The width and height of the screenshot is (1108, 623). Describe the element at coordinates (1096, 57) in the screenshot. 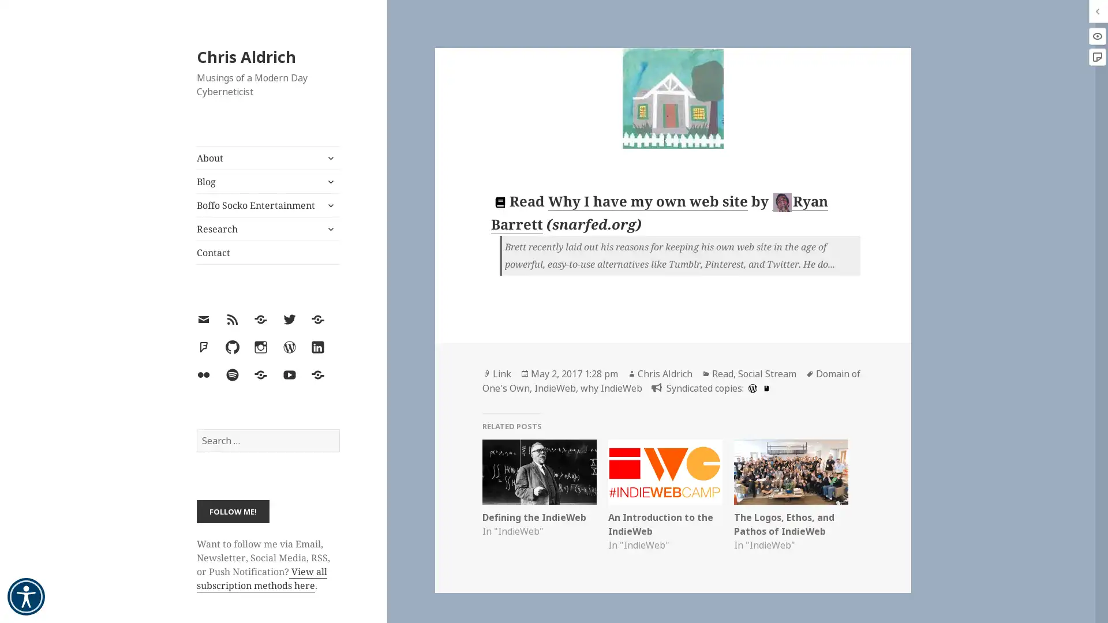

I see `New page note` at that location.